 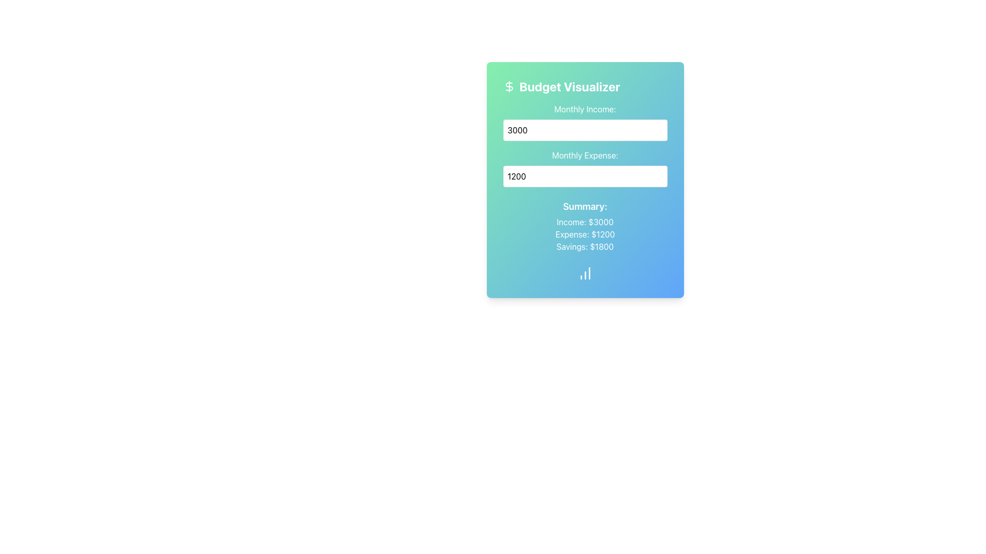 I want to click on label displaying 'Monthly Income:' located at the upper portion of the card interface, above the input field for entering a monetary value, so click(x=585, y=109).